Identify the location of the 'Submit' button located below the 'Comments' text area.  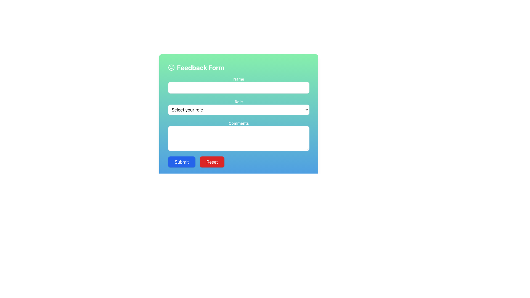
(182, 161).